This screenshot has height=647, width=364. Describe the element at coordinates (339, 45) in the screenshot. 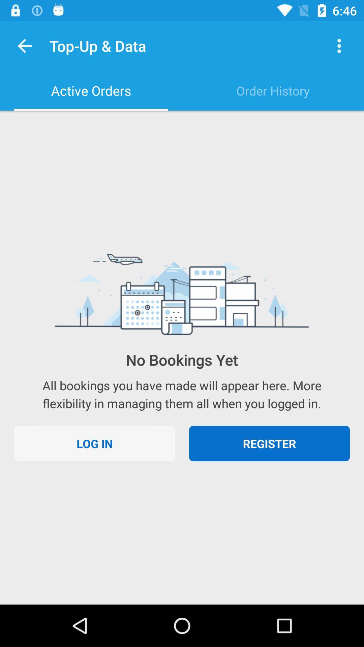

I see `more options` at that location.